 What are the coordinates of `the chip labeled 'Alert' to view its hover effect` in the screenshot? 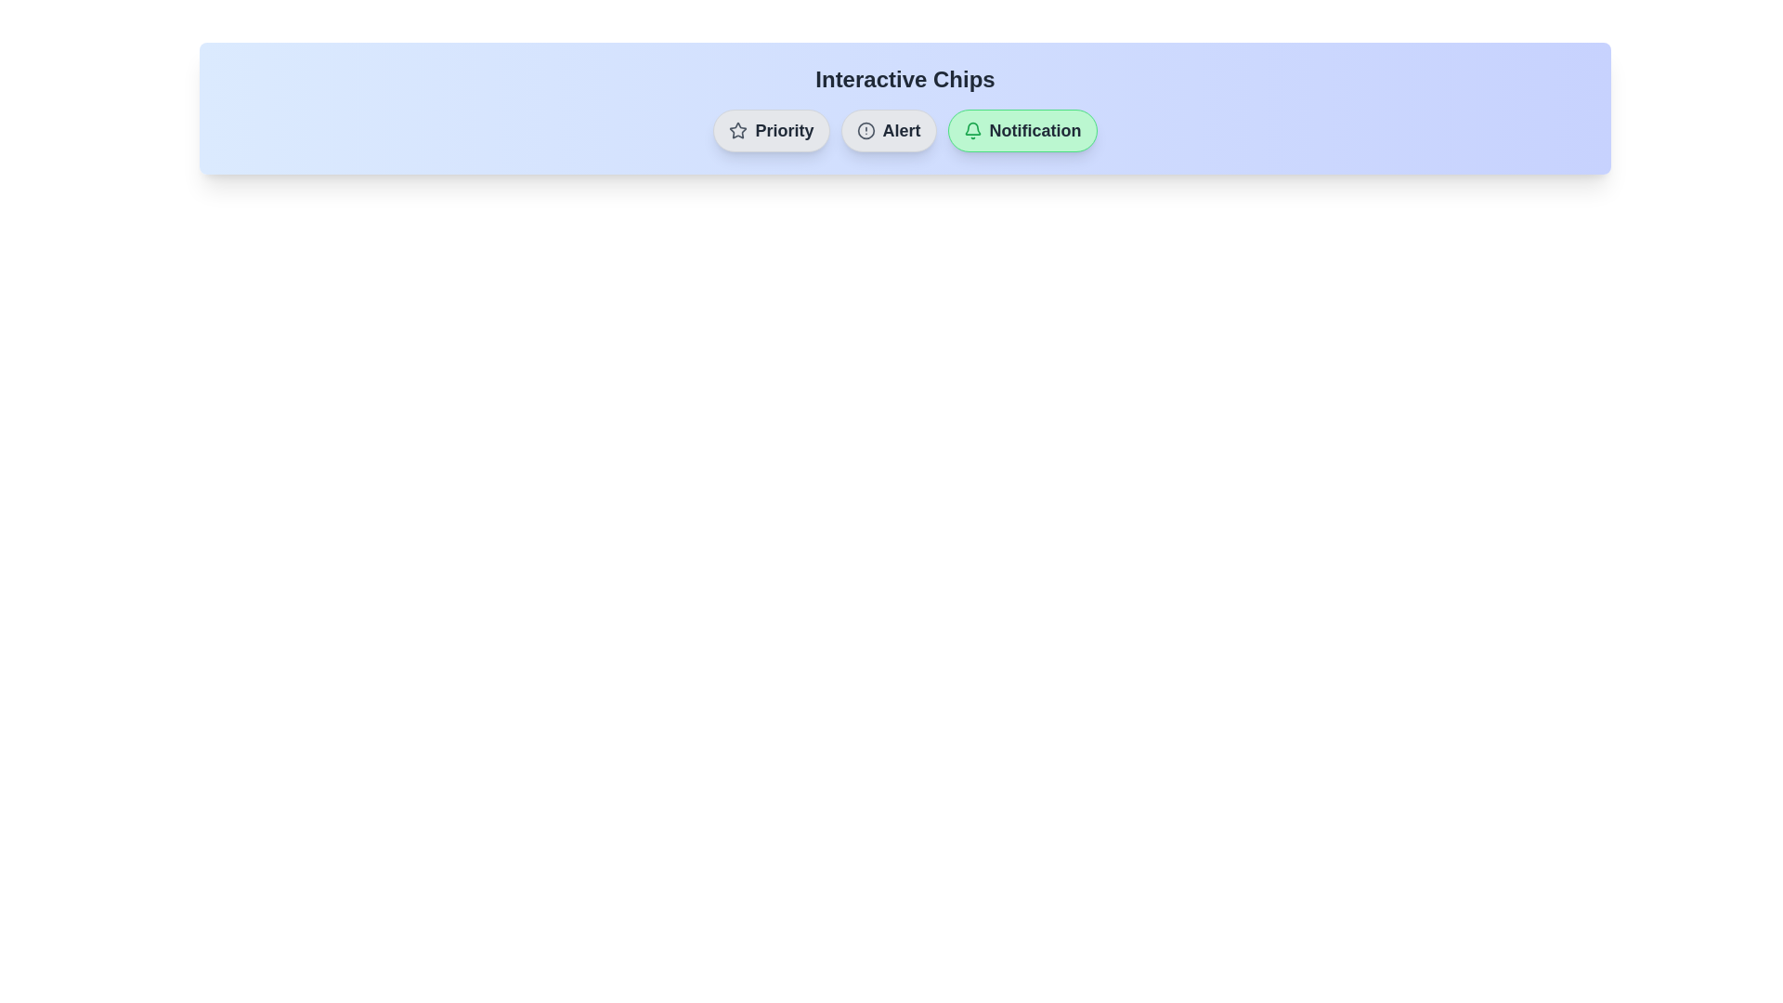 It's located at (887, 130).